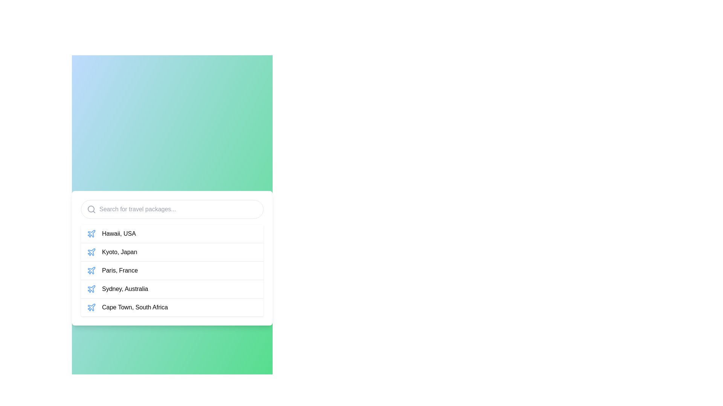  What do you see at coordinates (172, 258) in the screenshot?
I see `the second entry in the list, which represents 'Kyoto, Japan'` at bounding box center [172, 258].